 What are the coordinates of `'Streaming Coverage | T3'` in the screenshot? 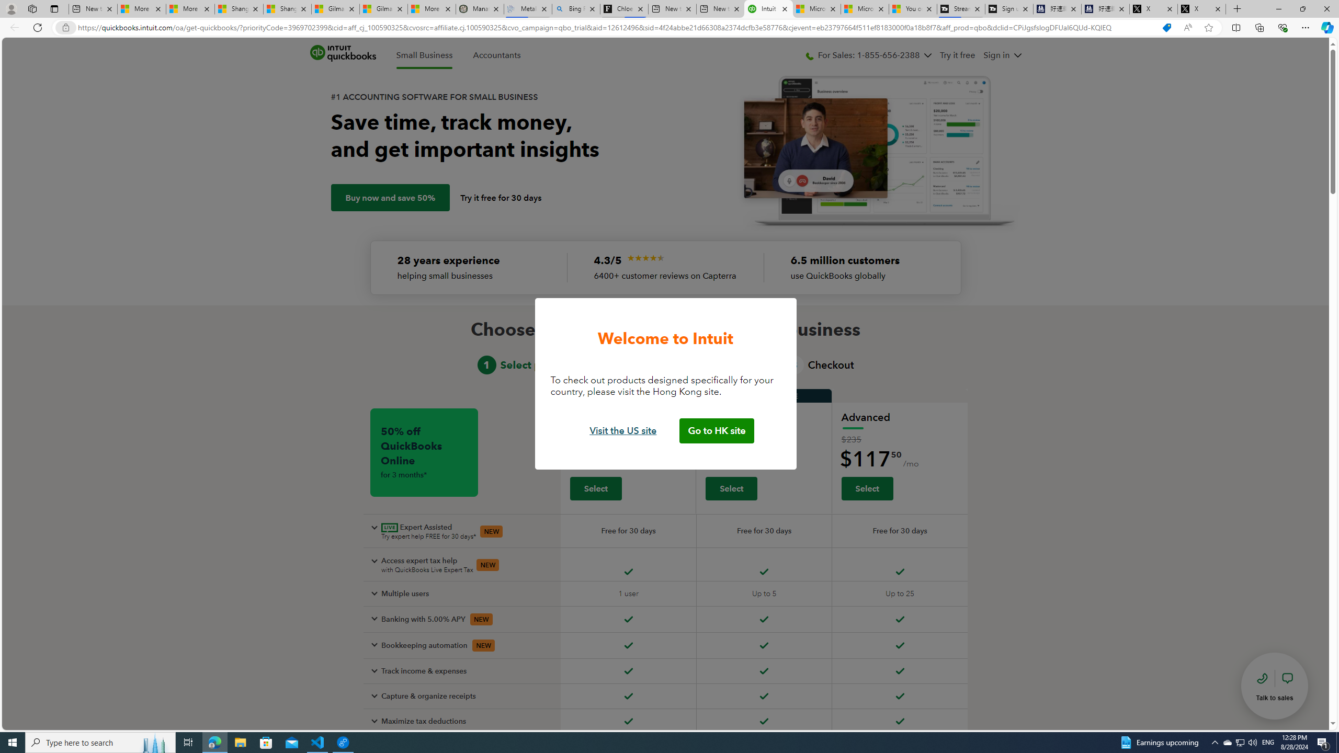 It's located at (960, 8).